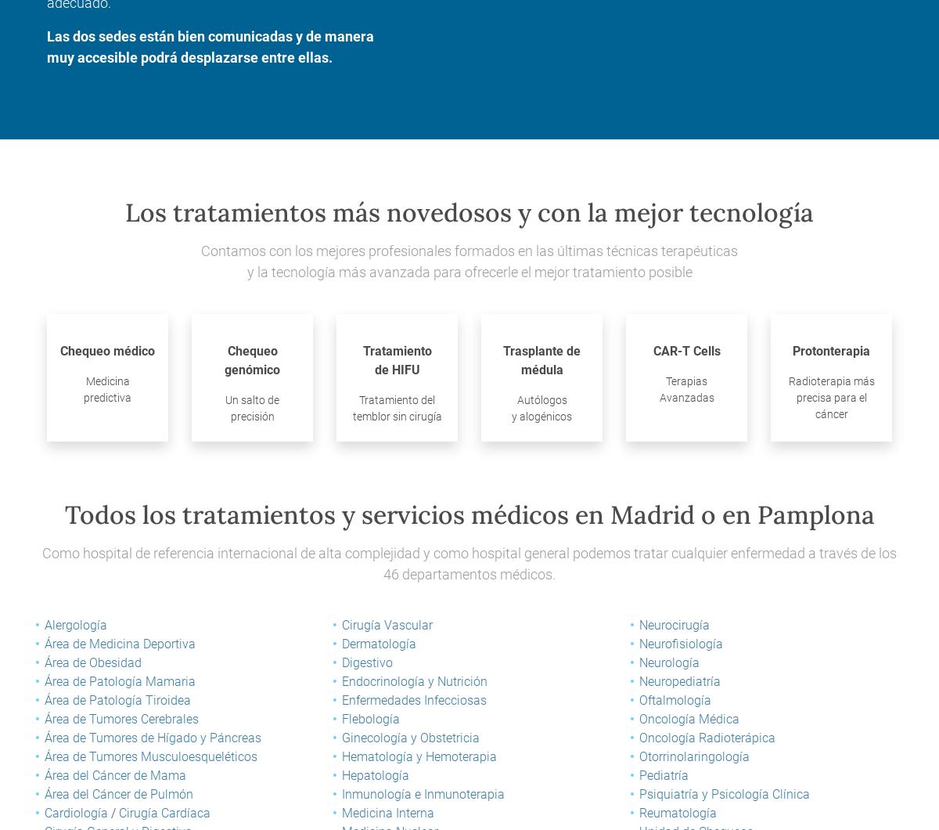 The width and height of the screenshot is (939, 830). I want to click on 'Autólogos', so click(541, 398).